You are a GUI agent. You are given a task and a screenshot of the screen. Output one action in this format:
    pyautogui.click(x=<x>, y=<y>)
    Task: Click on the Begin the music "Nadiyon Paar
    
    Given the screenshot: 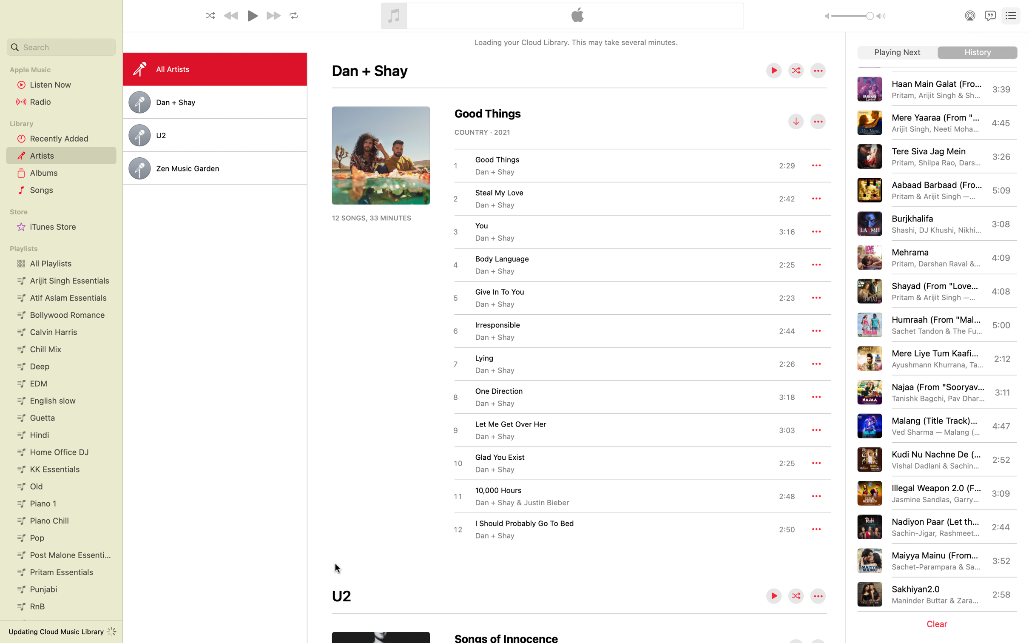 What is the action you would take?
    pyautogui.click(x=935, y=526)
    